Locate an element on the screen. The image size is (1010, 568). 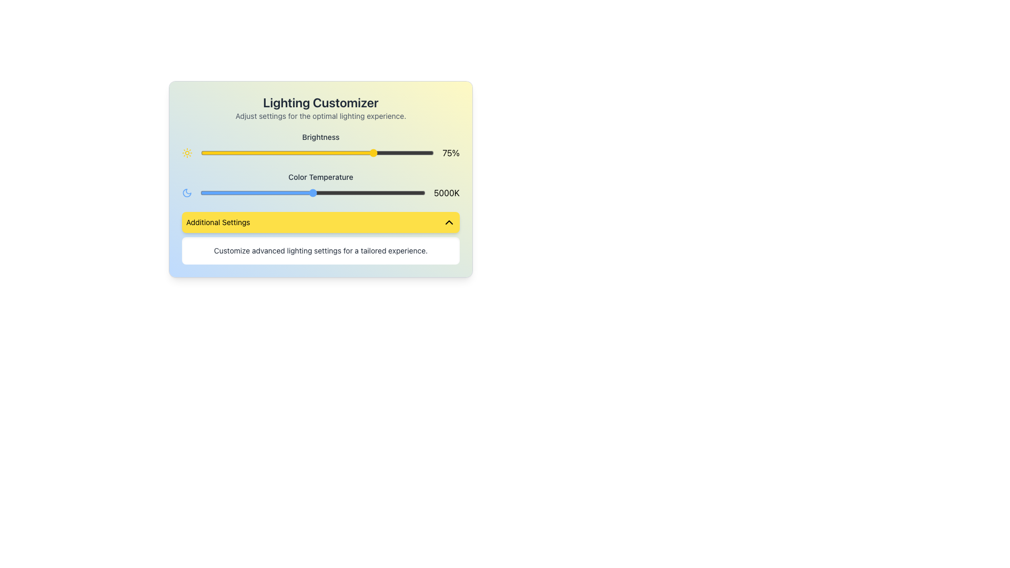
brightness is located at coordinates (296, 153).